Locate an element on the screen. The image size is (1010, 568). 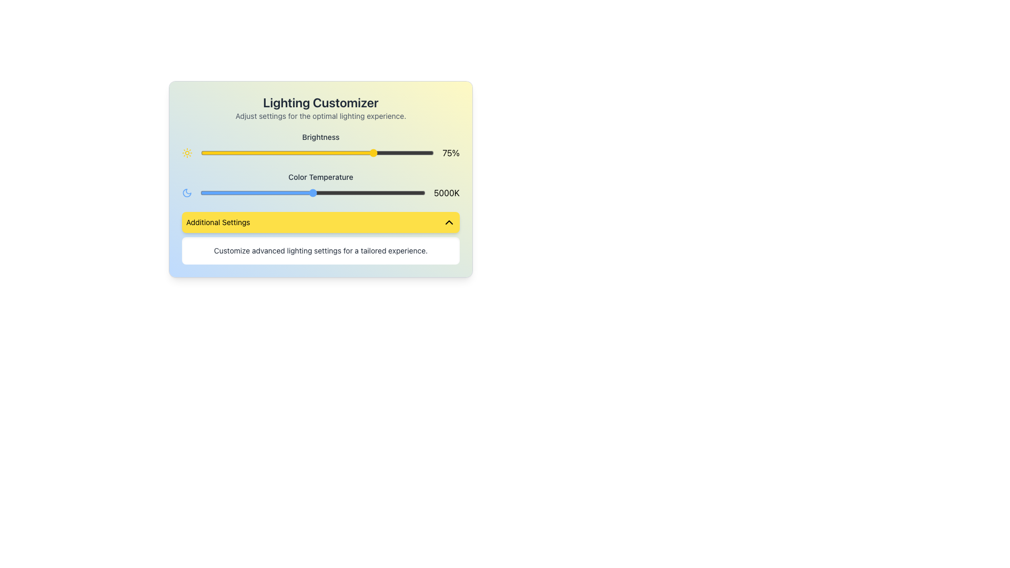
brightness is located at coordinates (296, 153).